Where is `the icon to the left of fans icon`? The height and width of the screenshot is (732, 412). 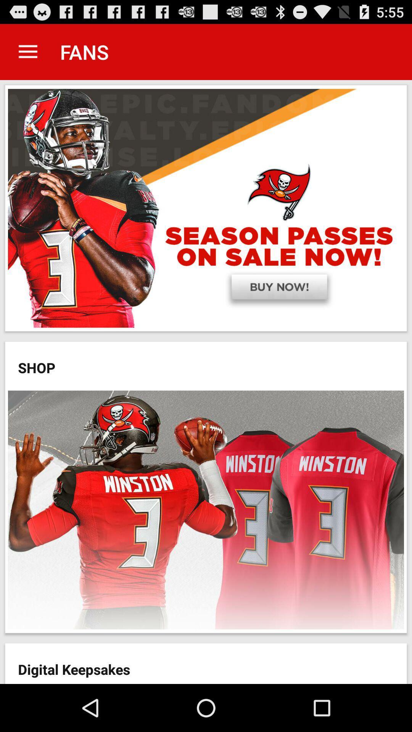
the icon to the left of fans icon is located at coordinates (27, 51).